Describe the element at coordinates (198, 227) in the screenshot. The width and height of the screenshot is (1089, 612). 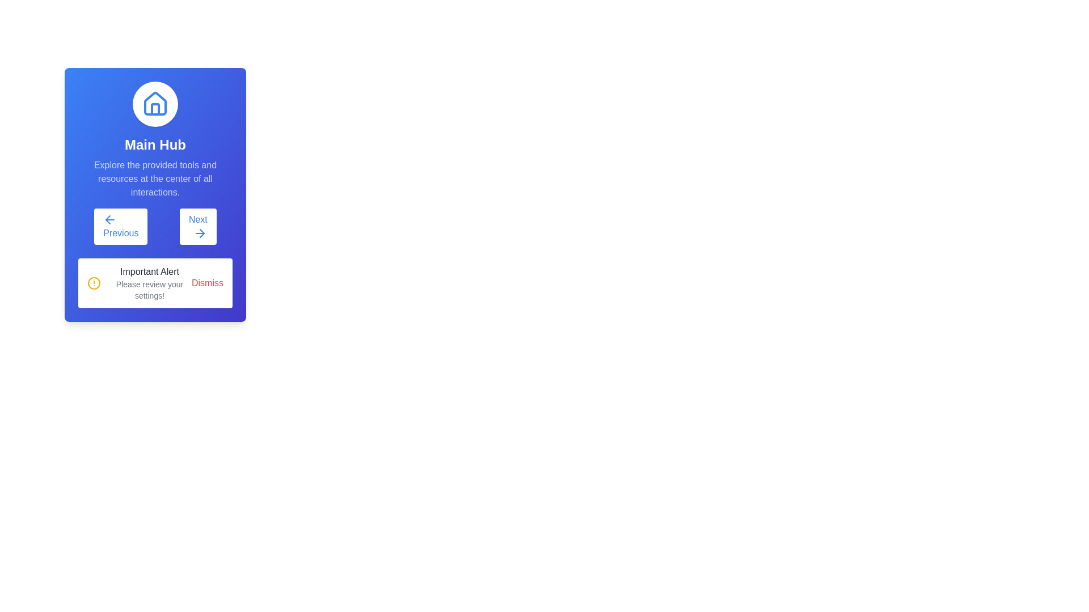
I see `the rectangular button with rounded corners labeled 'Next', which has a white background and blue text, to apply the hover effect` at that location.